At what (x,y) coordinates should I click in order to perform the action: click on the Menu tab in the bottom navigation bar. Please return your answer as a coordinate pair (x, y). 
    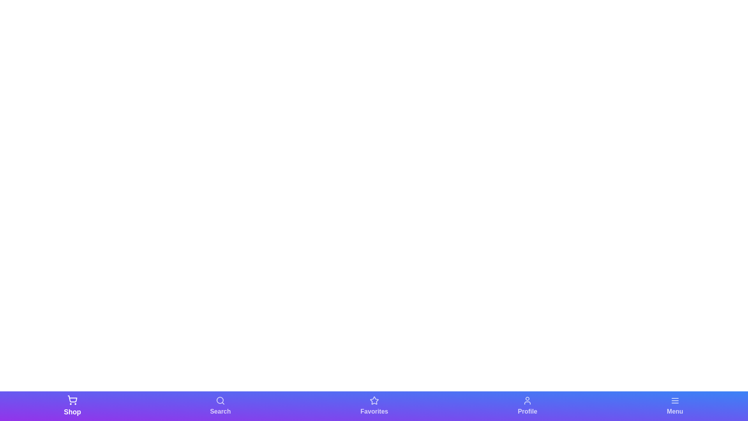
    Looking at the image, I should click on (674, 405).